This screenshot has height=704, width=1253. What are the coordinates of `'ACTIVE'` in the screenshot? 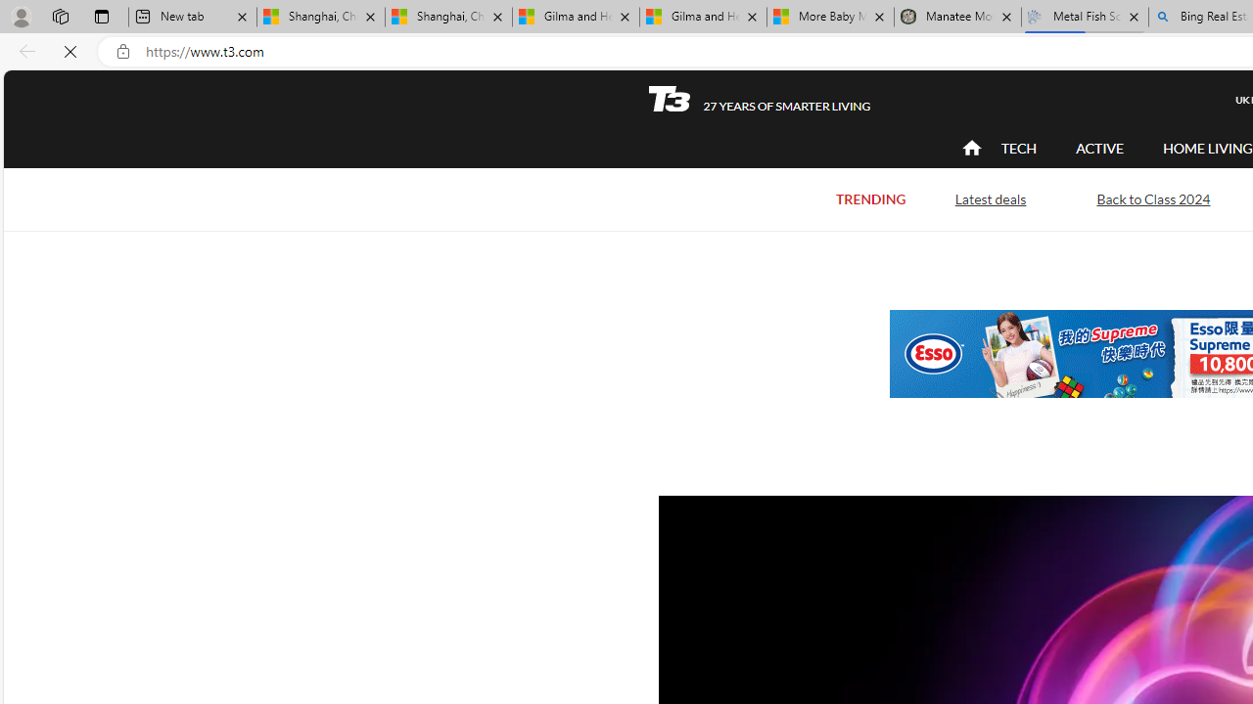 It's located at (1100, 147).